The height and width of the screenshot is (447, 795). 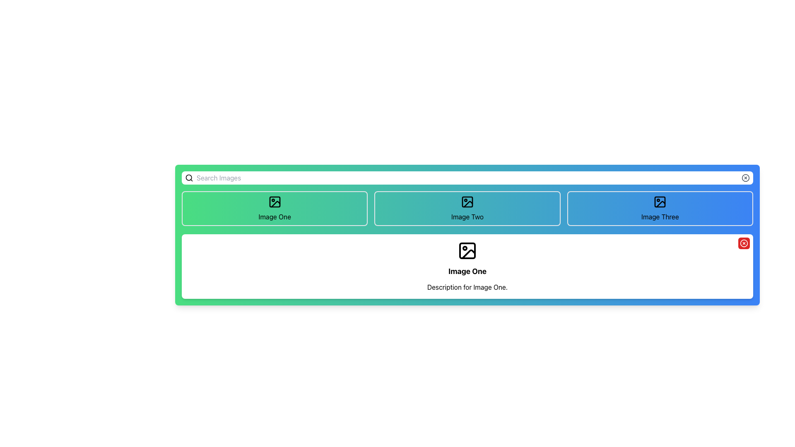 What do you see at coordinates (275, 202) in the screenshot?
I see `the small illustrative icon resembling a landscape (mountain and sun) inside a square outline, which is the first icon in the section labeled 'Image One', located at the top row of the interface within a green card` at bounding box center [275, 202].